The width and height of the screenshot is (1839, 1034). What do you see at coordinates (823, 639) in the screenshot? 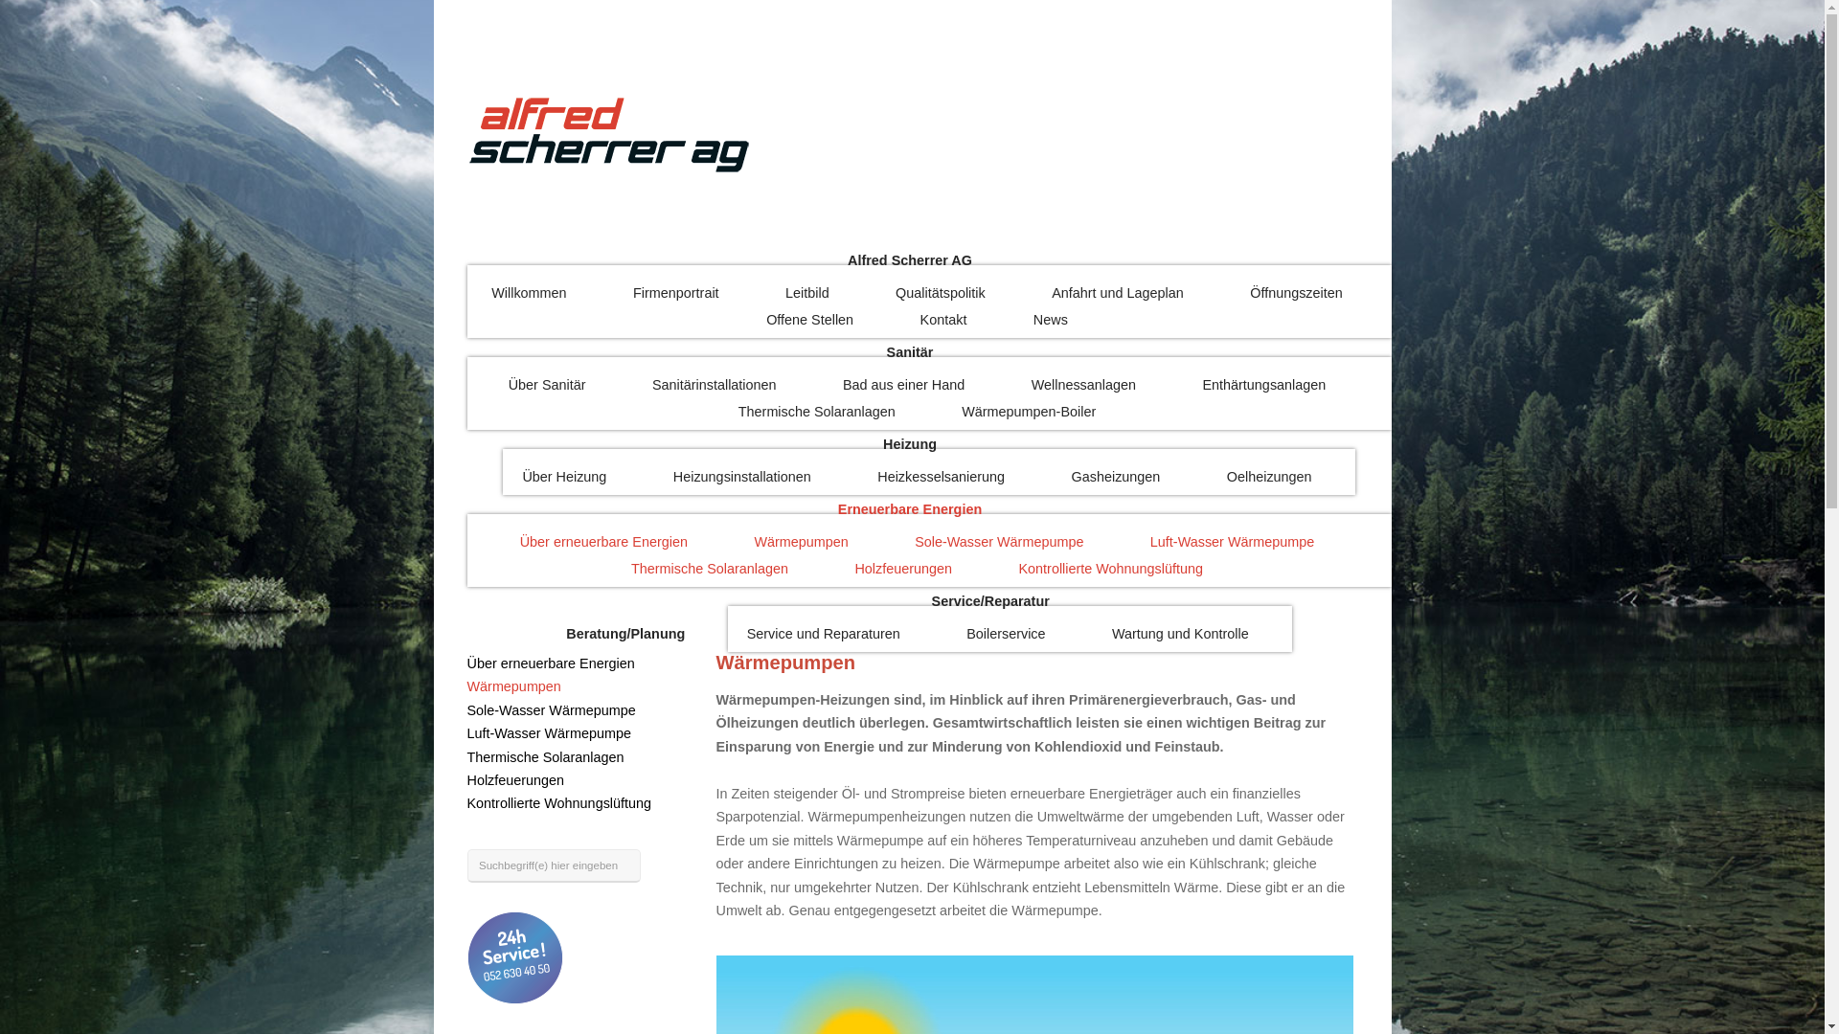
I see `'Service und Reparaturen'` at bounding box center [823, 639].